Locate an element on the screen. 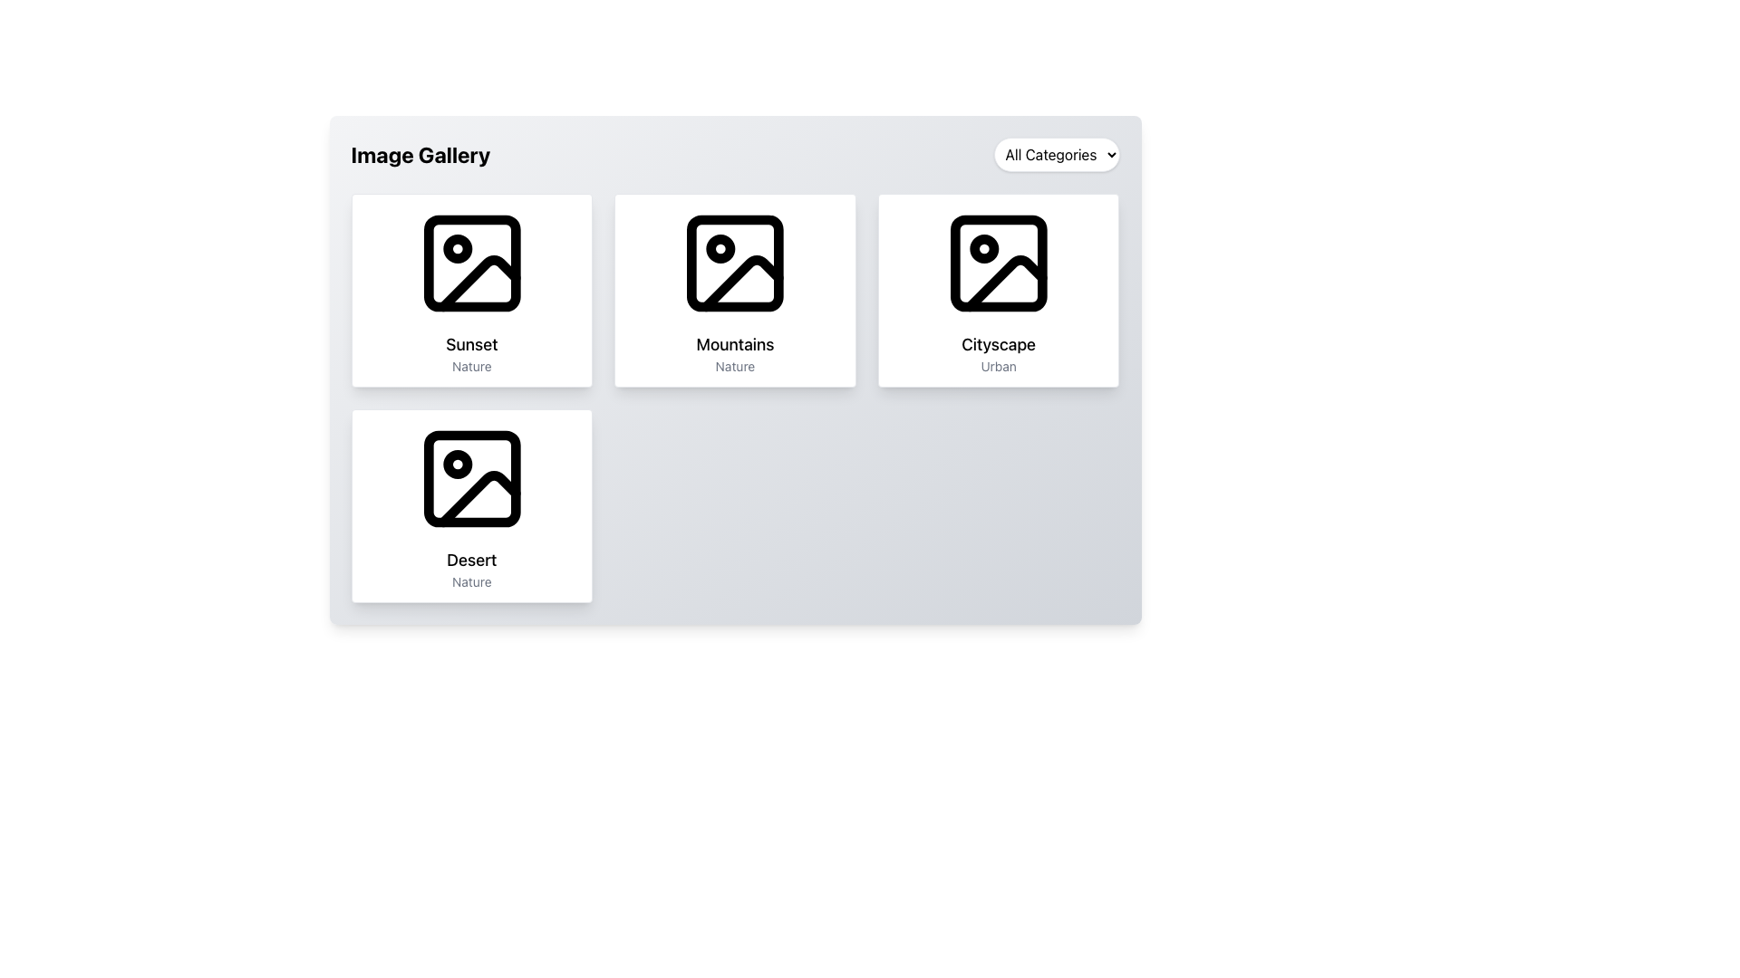 The image size is (1740, 978). the Decorative vector rectangle with rounded corners that forms part of the 'Sunset' image thumbnail, which is the largest shape in the lower part of the image icon positioned in the top-left of a 2x2 grid is located at coordinates (471, 263).